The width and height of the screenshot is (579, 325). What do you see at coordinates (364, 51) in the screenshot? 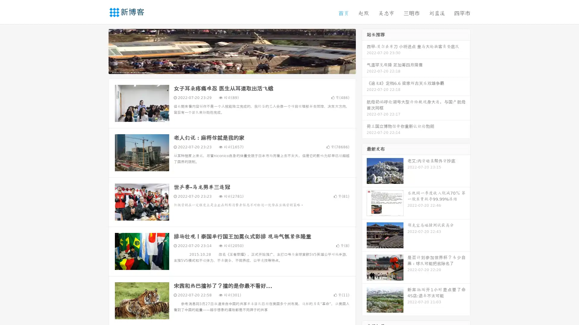
I see `Next slide` at bounding box center [364, 51].